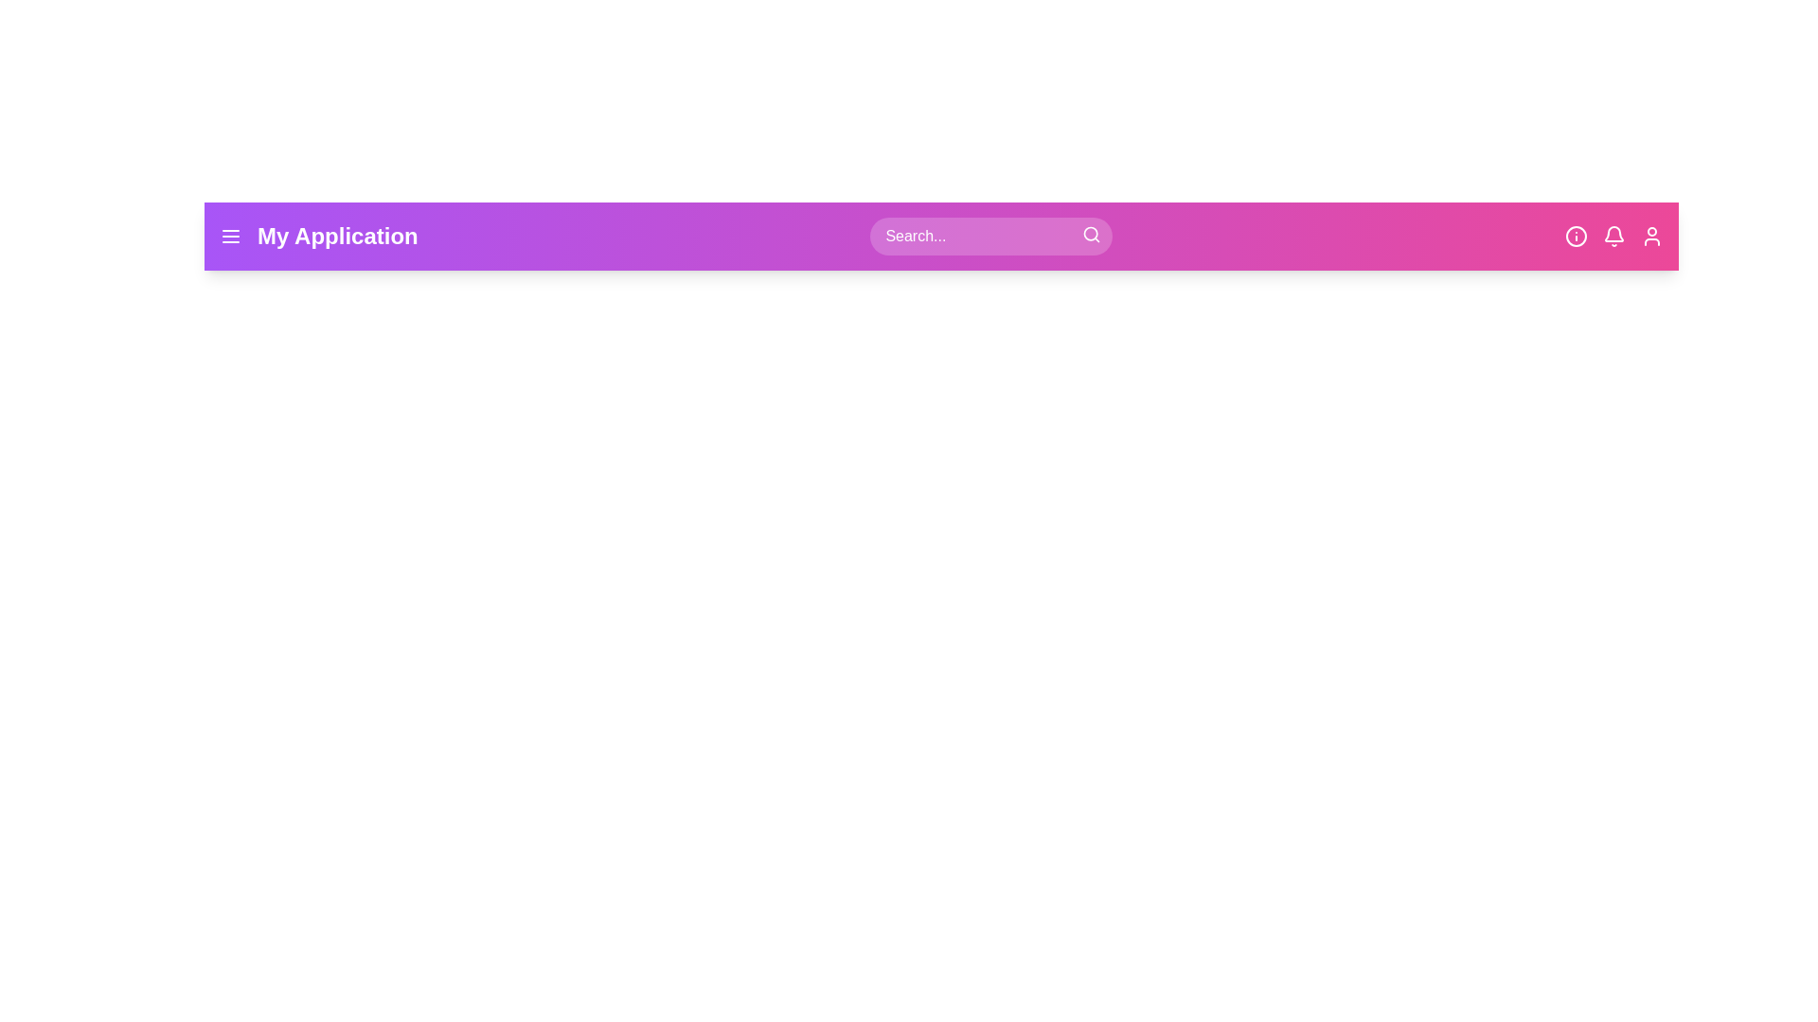 This screenshot has width=1818, height=1022. I want to click on menu button to open the navigation menu, so click(230, 236).